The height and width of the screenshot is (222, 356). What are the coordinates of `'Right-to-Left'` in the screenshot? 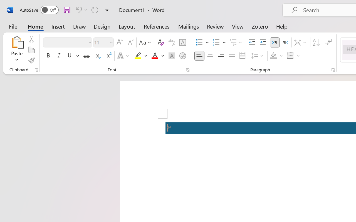 It's located at (285, 42).